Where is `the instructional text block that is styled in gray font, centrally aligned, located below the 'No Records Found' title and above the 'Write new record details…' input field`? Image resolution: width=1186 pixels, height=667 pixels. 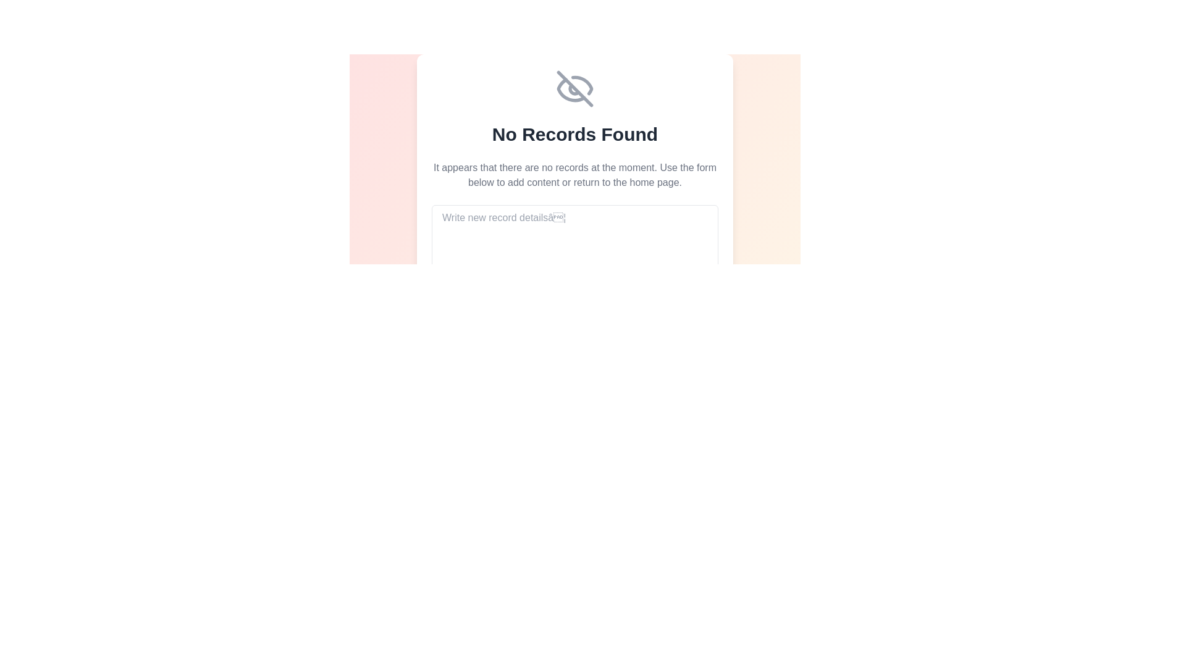 the instructional text block that is styled in gray font, centrally aligned, located below the 'No Records Found' title and above the 'Write new record details…' input field is located at coordinates (574, 175).